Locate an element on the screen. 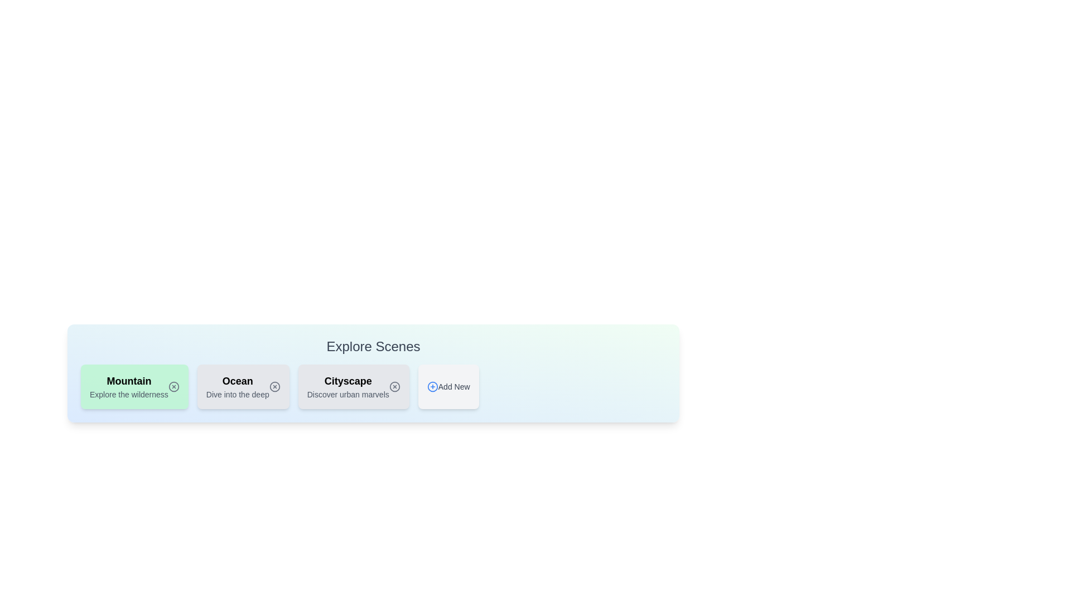 The height and width of the screenshot is (602, 1071). the close icon of the scene chip corresponding to Mountain is located at coordinates (173, 386).